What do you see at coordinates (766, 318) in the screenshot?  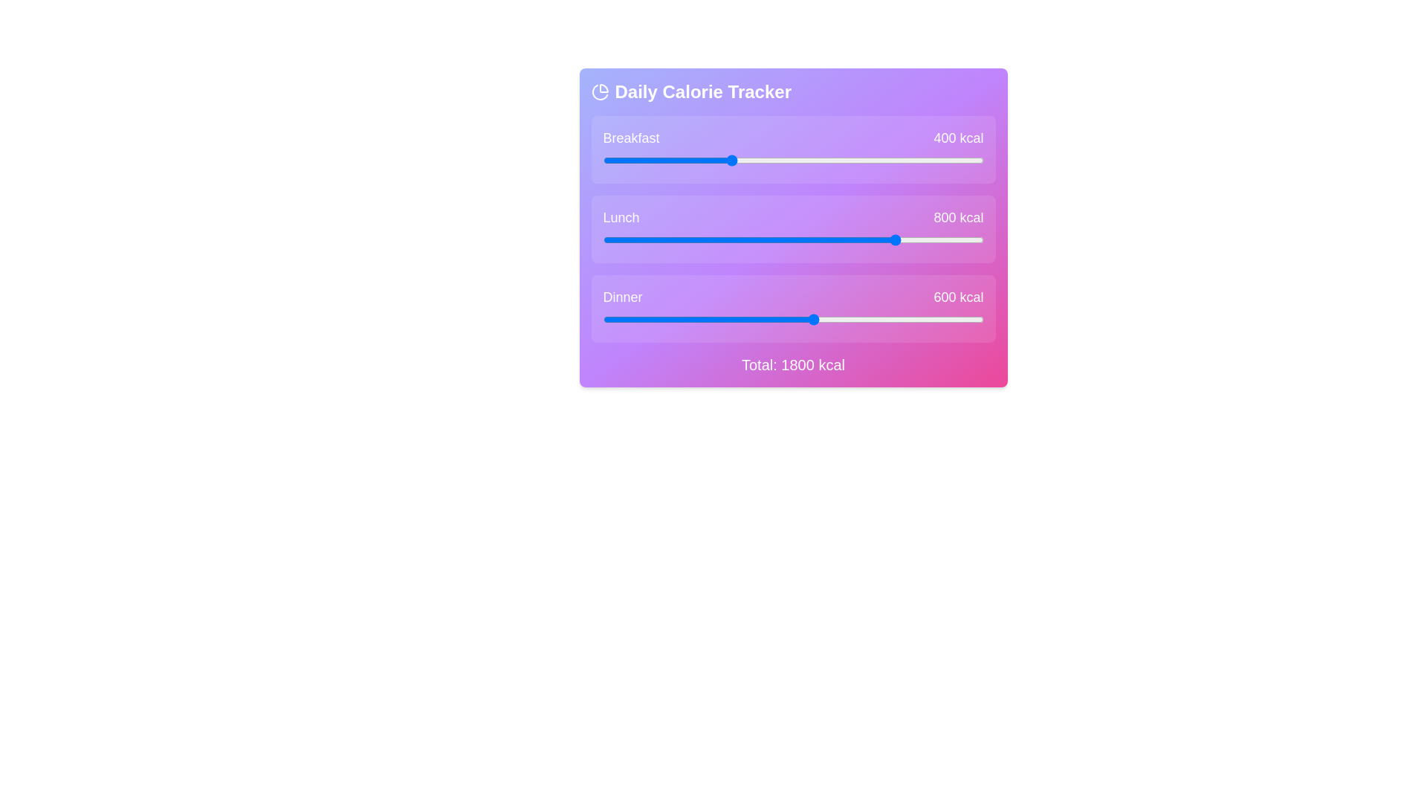 I see `the dinner calorie slider` at bounding box center [766, 318].